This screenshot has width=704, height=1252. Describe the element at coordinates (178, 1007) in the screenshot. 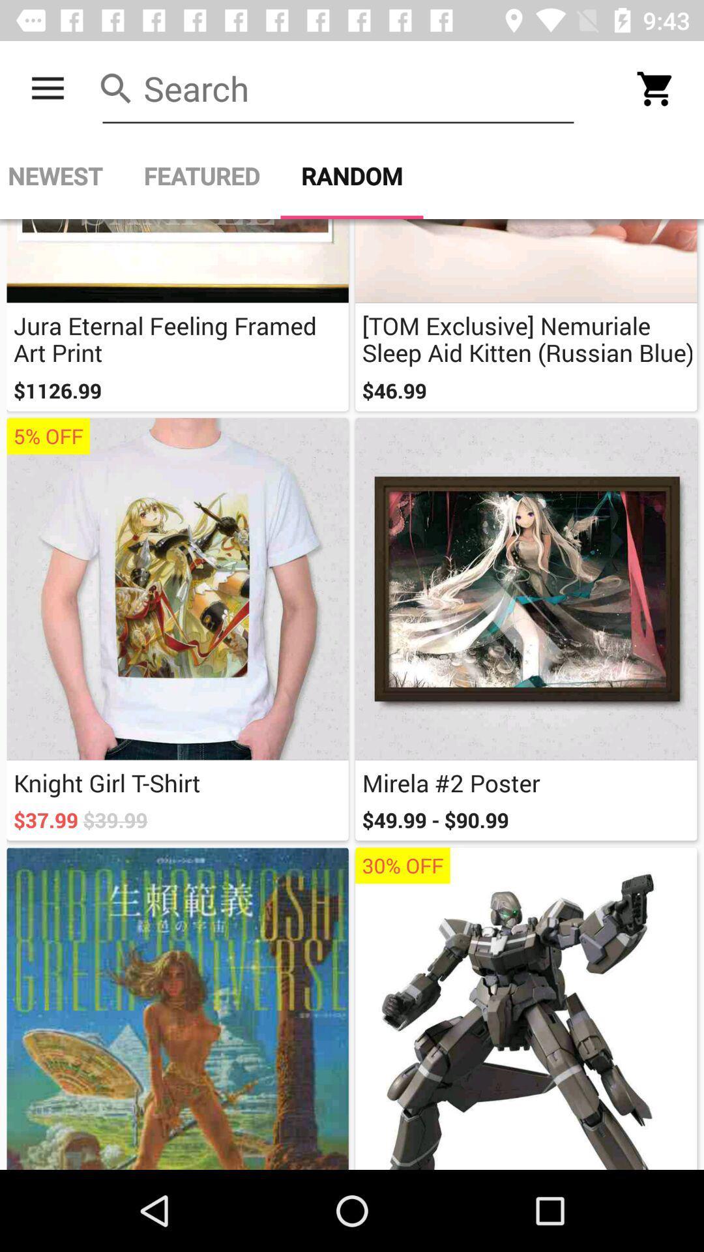

I see `first image at bottom of the page` at that location.